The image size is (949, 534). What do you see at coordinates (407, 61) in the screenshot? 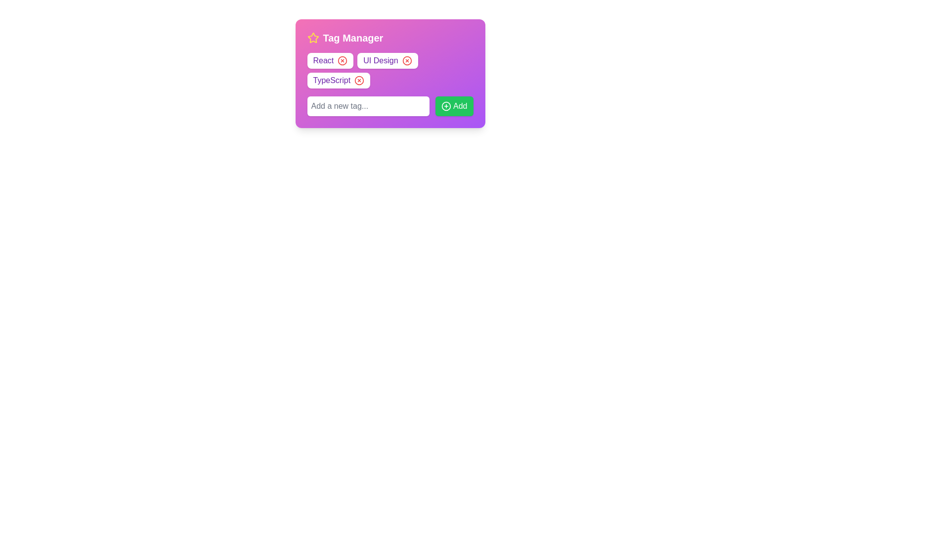
I see `the delete button for the 'UI Design' tag in the 'Tag Manager' modal` at bounding box center [407, 61].